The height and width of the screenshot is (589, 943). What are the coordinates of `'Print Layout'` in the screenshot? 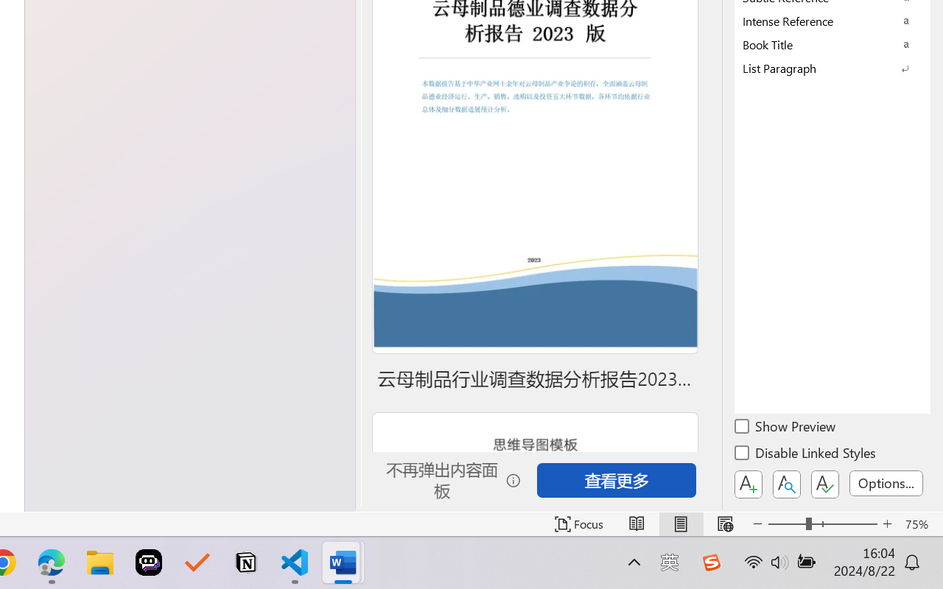 It's located at (680, 523).